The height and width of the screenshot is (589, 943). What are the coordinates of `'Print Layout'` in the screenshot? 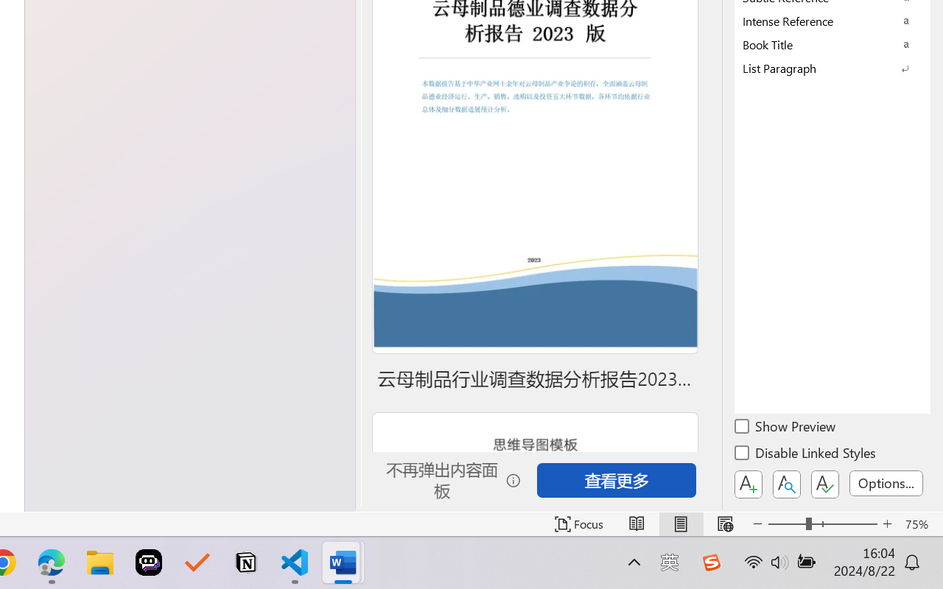 It's located at (680, 523).